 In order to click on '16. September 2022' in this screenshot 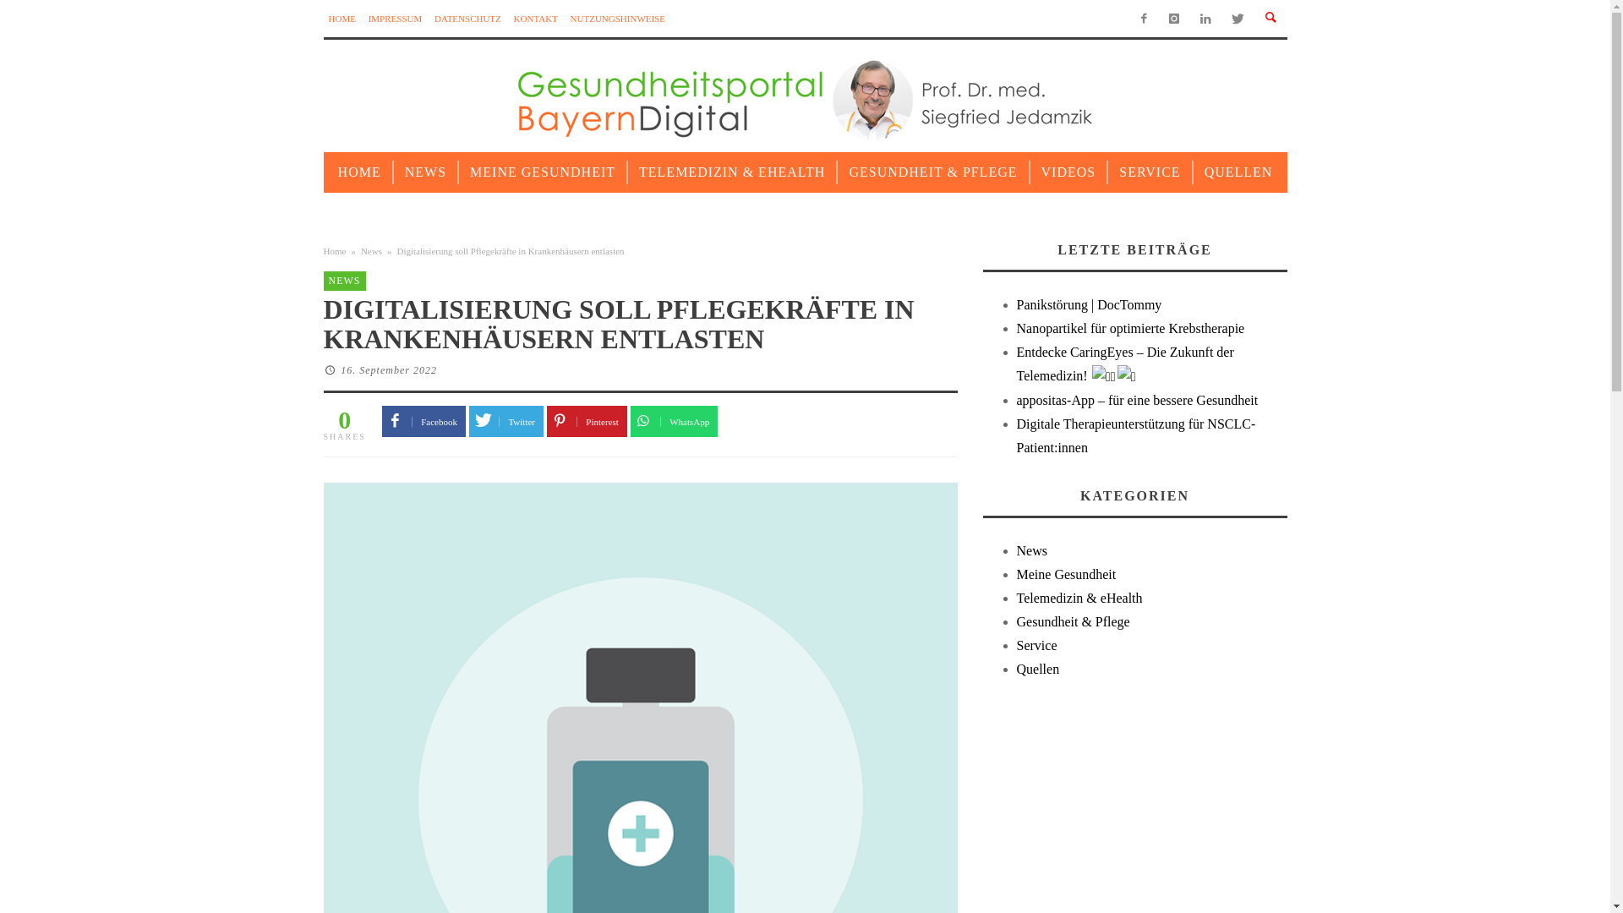, I will do `click(388, 369)`.